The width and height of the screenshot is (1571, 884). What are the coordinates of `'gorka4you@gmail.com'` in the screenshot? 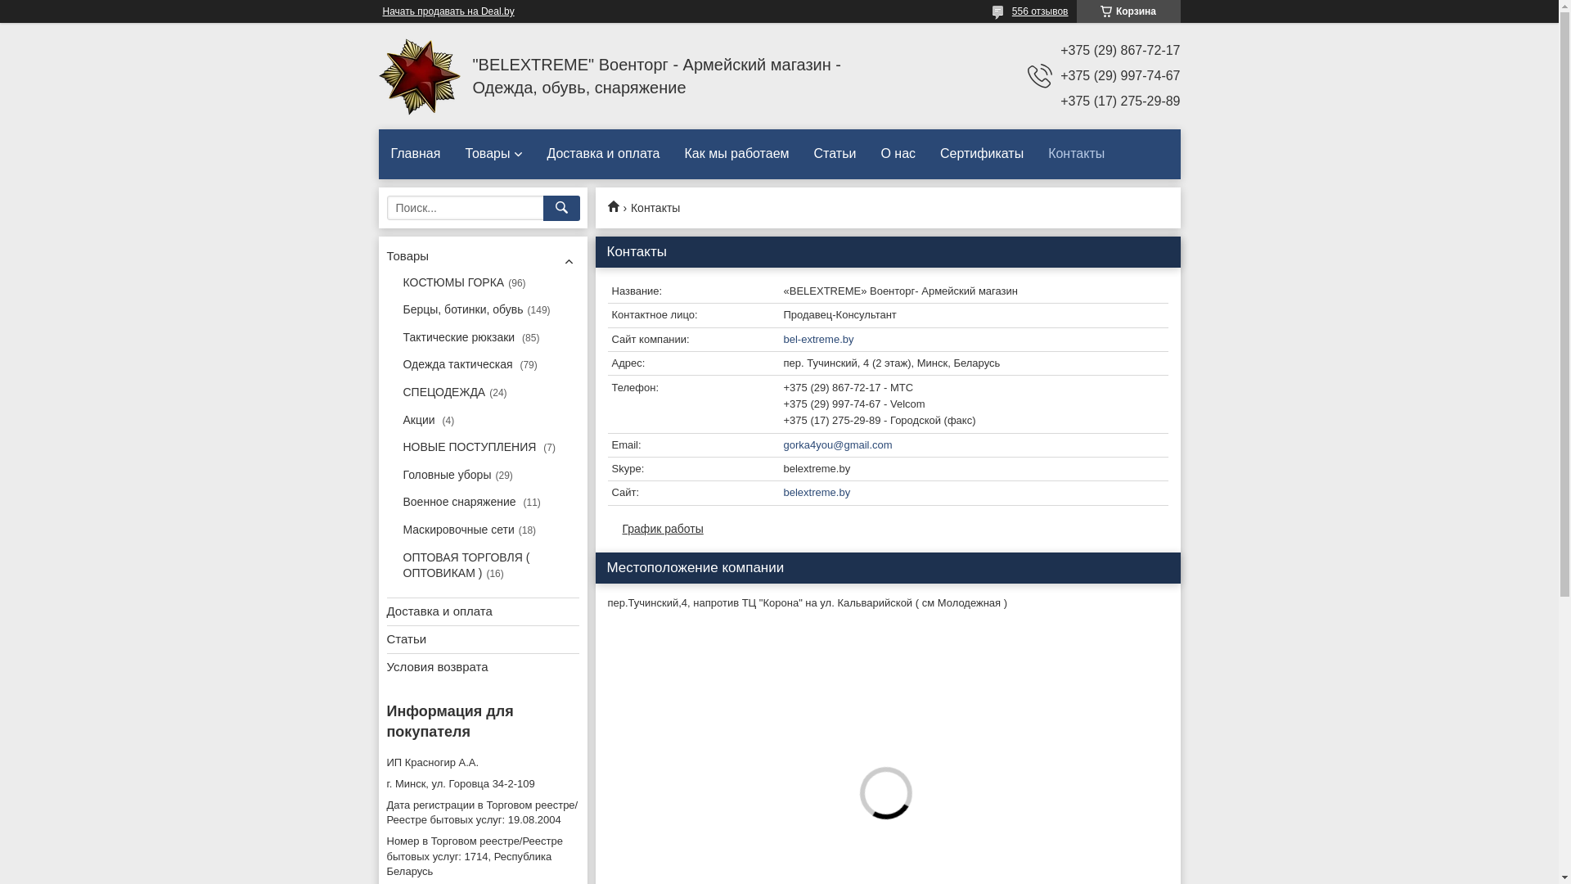 It's located at (886, 445).